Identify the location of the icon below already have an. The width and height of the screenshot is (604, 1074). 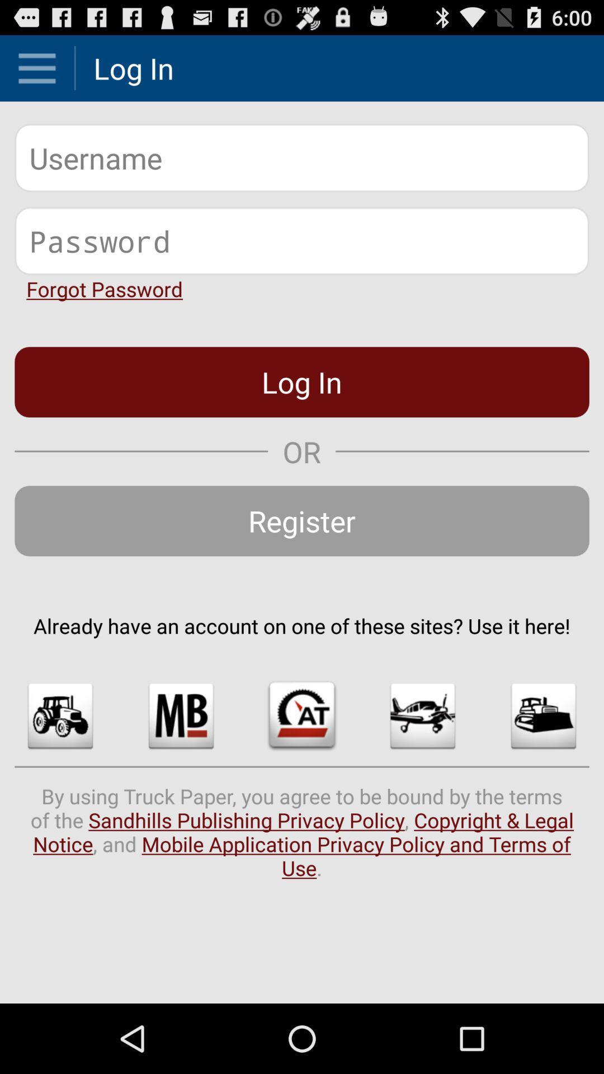
(60, 716).